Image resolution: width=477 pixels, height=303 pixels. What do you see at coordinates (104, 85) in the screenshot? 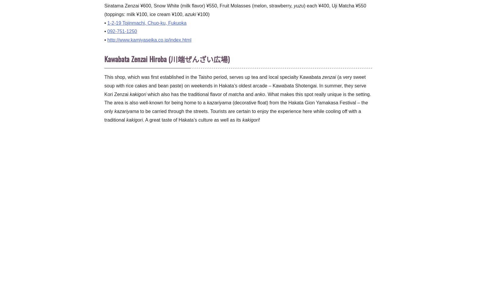
I see `'(a very sweet soup with rice cakes and bean paste) on weekends in Hakata’s oldest arcade – Kawabata Shotengai. In summer, they serve Kori Zenzai'` at bounding box center [104, 85].